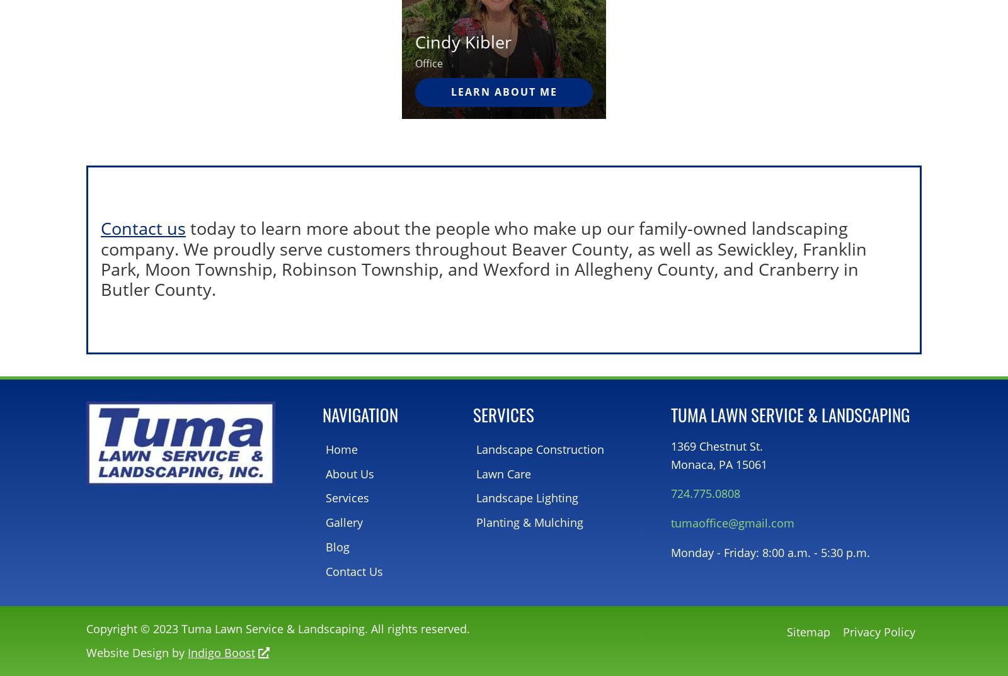  What do you see at coordinates (539, 449) in the screenshot?
I see `'Landscape Construction'` at bounding box center [539, 449].